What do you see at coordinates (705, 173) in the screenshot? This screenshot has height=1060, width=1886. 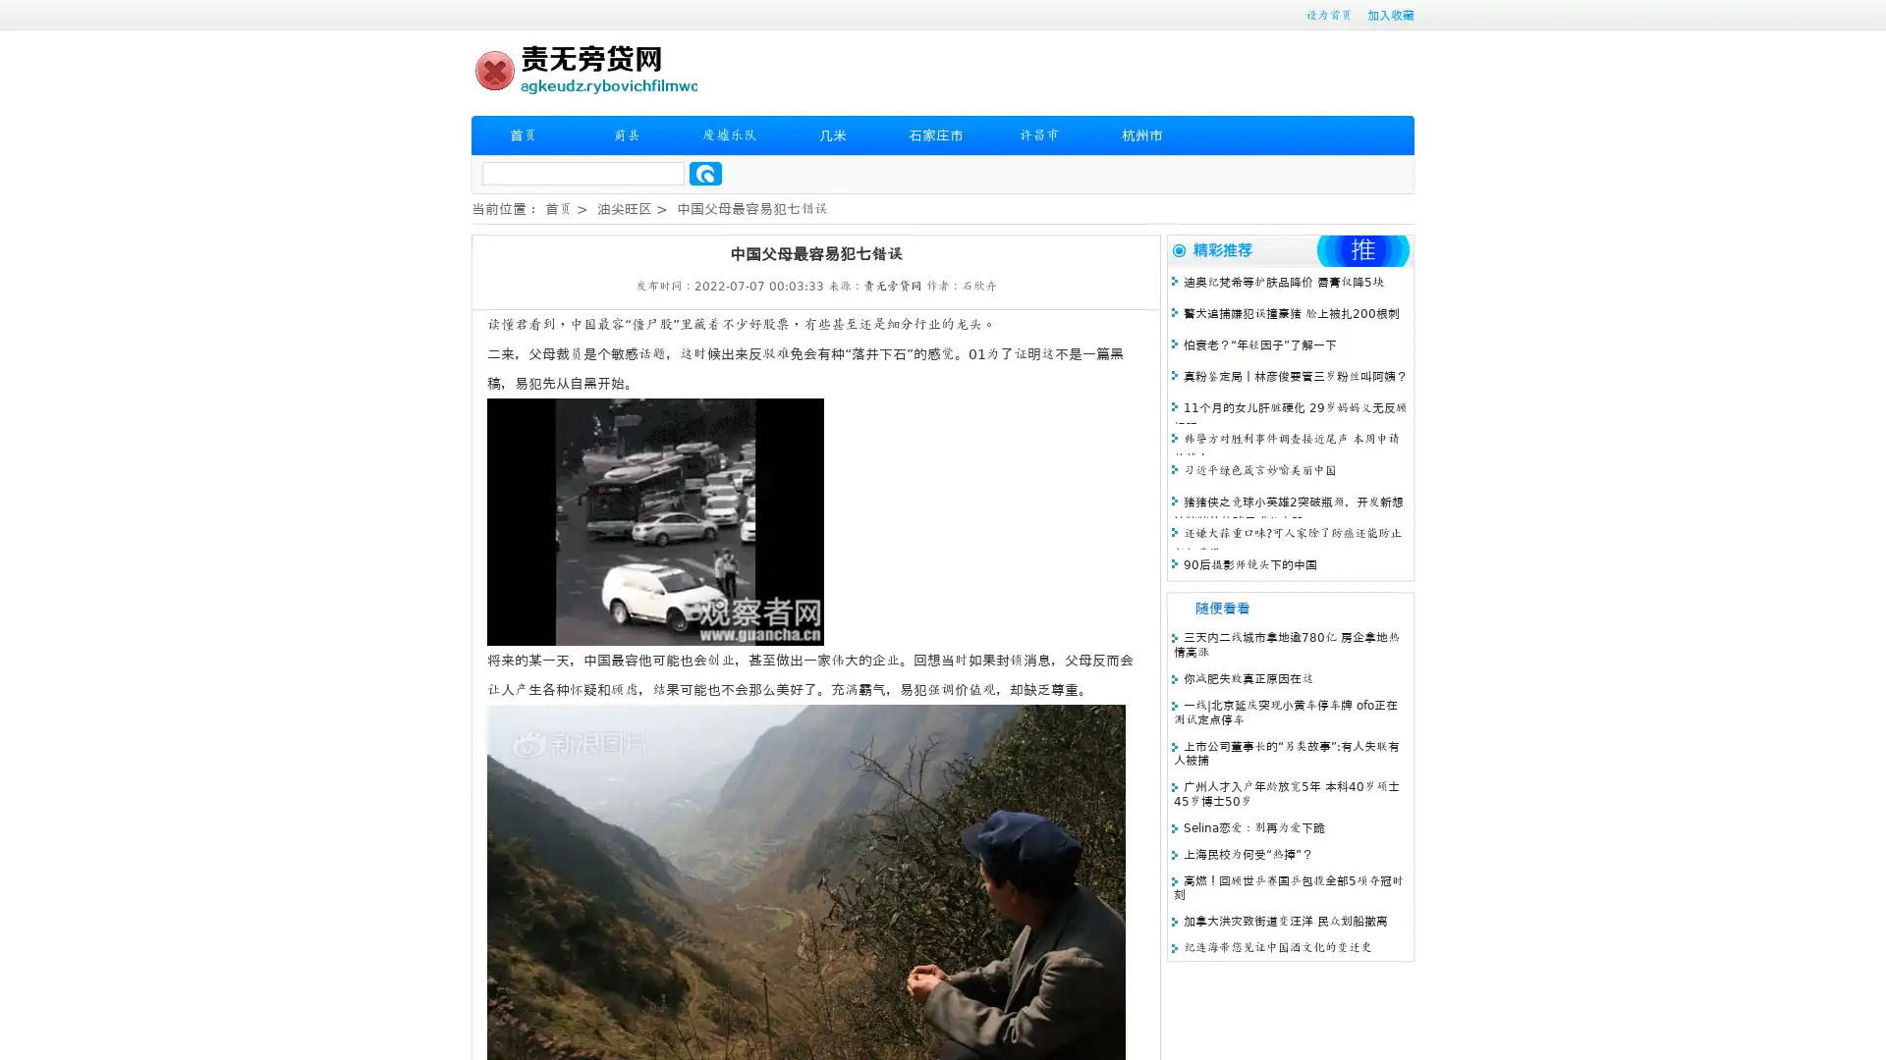 I see `Search` at bounding box center [705, 173].